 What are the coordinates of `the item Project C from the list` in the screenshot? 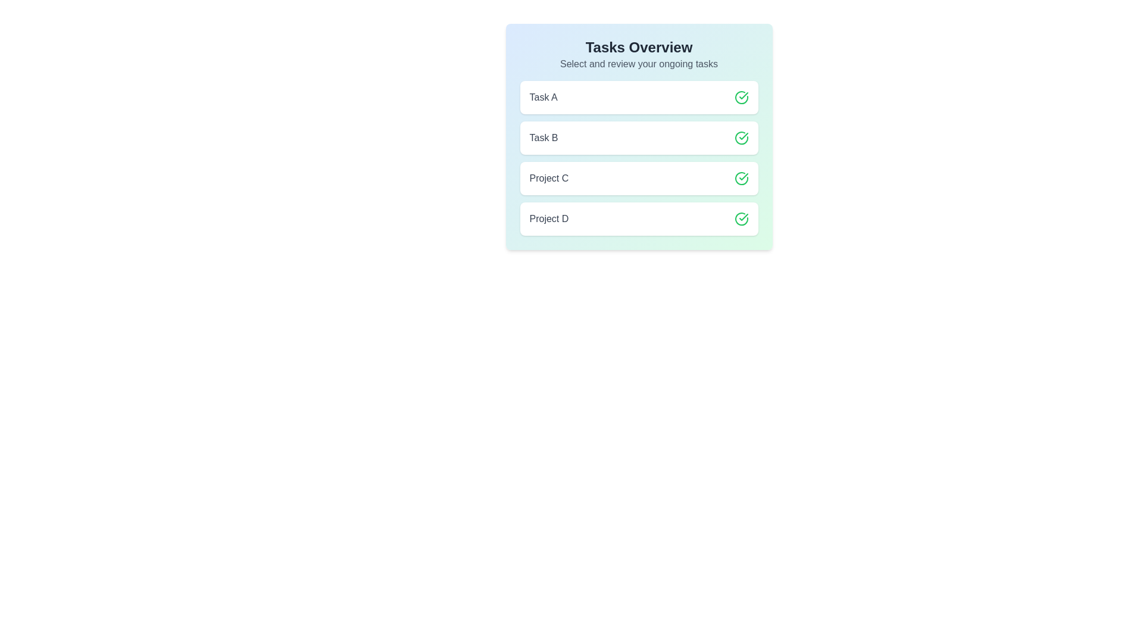 It's located at (638, 179).